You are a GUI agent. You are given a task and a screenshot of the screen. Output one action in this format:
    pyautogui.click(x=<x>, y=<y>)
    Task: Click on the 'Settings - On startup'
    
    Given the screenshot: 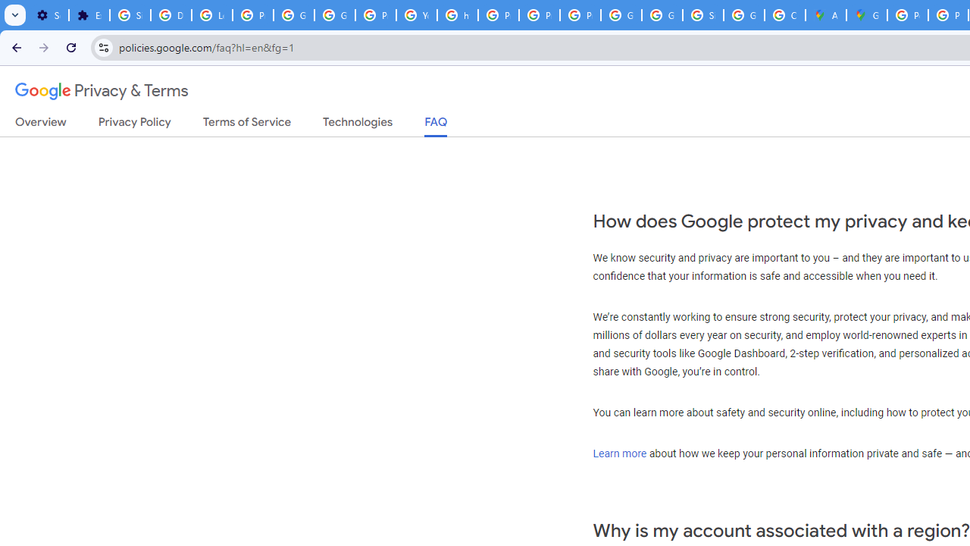 What is the action you would take?
    pyautogui.click(x=48, y=15)
    